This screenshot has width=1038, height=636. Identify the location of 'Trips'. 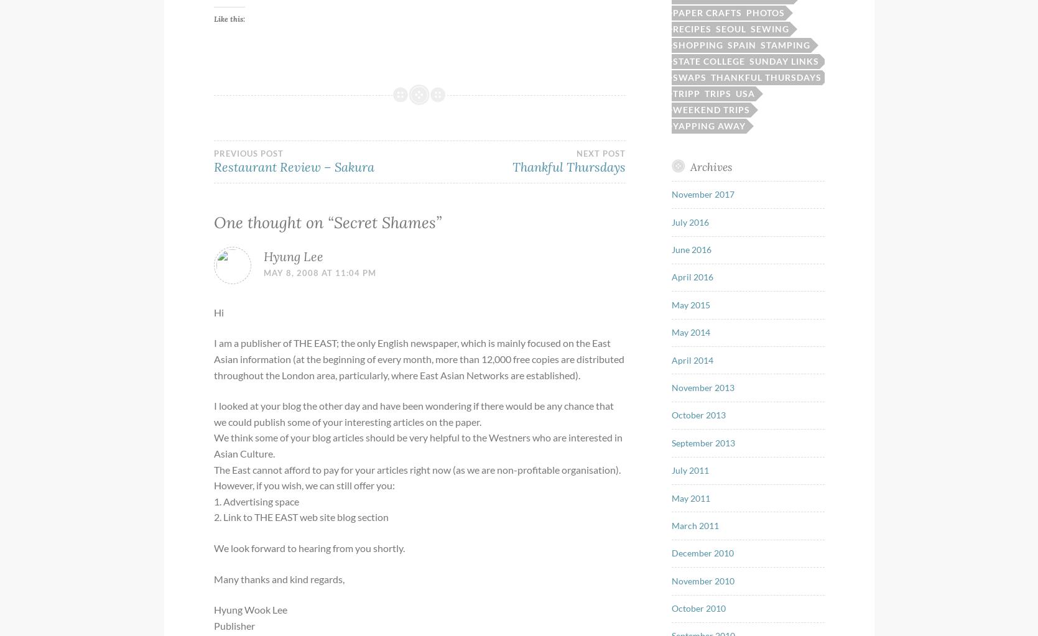
(717, 93).